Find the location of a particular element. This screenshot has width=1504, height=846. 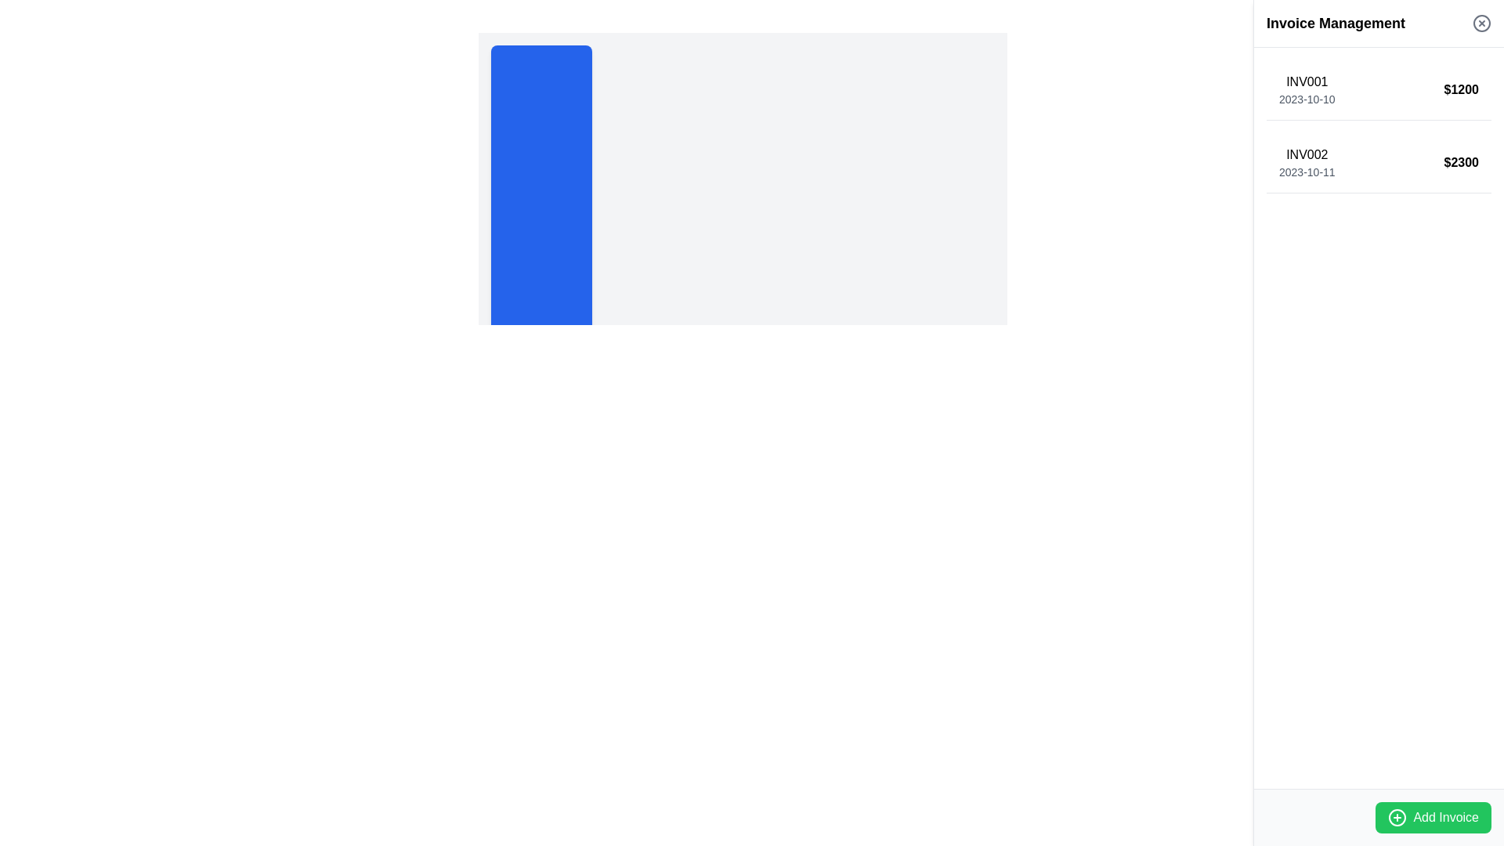

the close button in the top-right corner of the 'Invoice Management' header section is located at coordinates (1480, 23).